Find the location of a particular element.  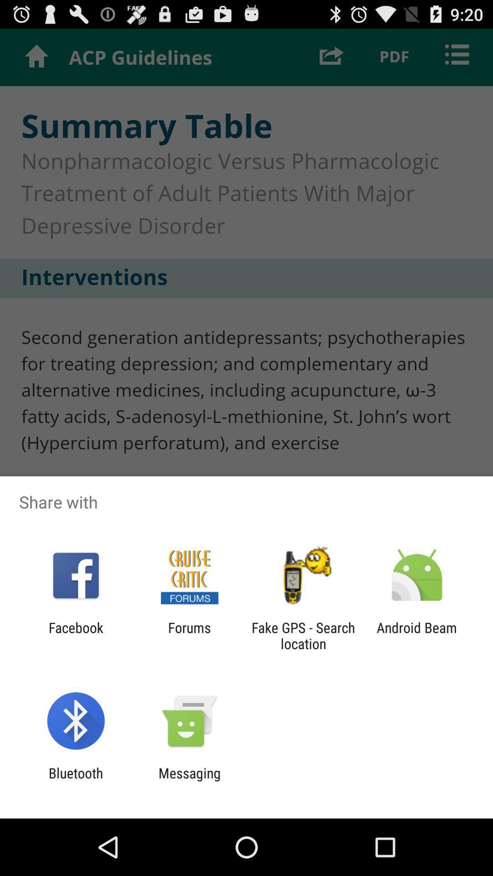

the android beam is located at coordinates (417, 635).